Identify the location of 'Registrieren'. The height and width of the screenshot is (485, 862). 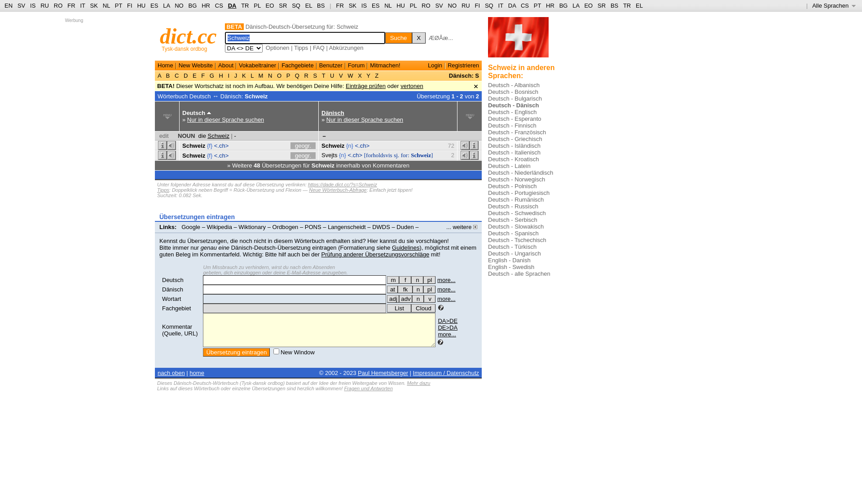
(463, 65).